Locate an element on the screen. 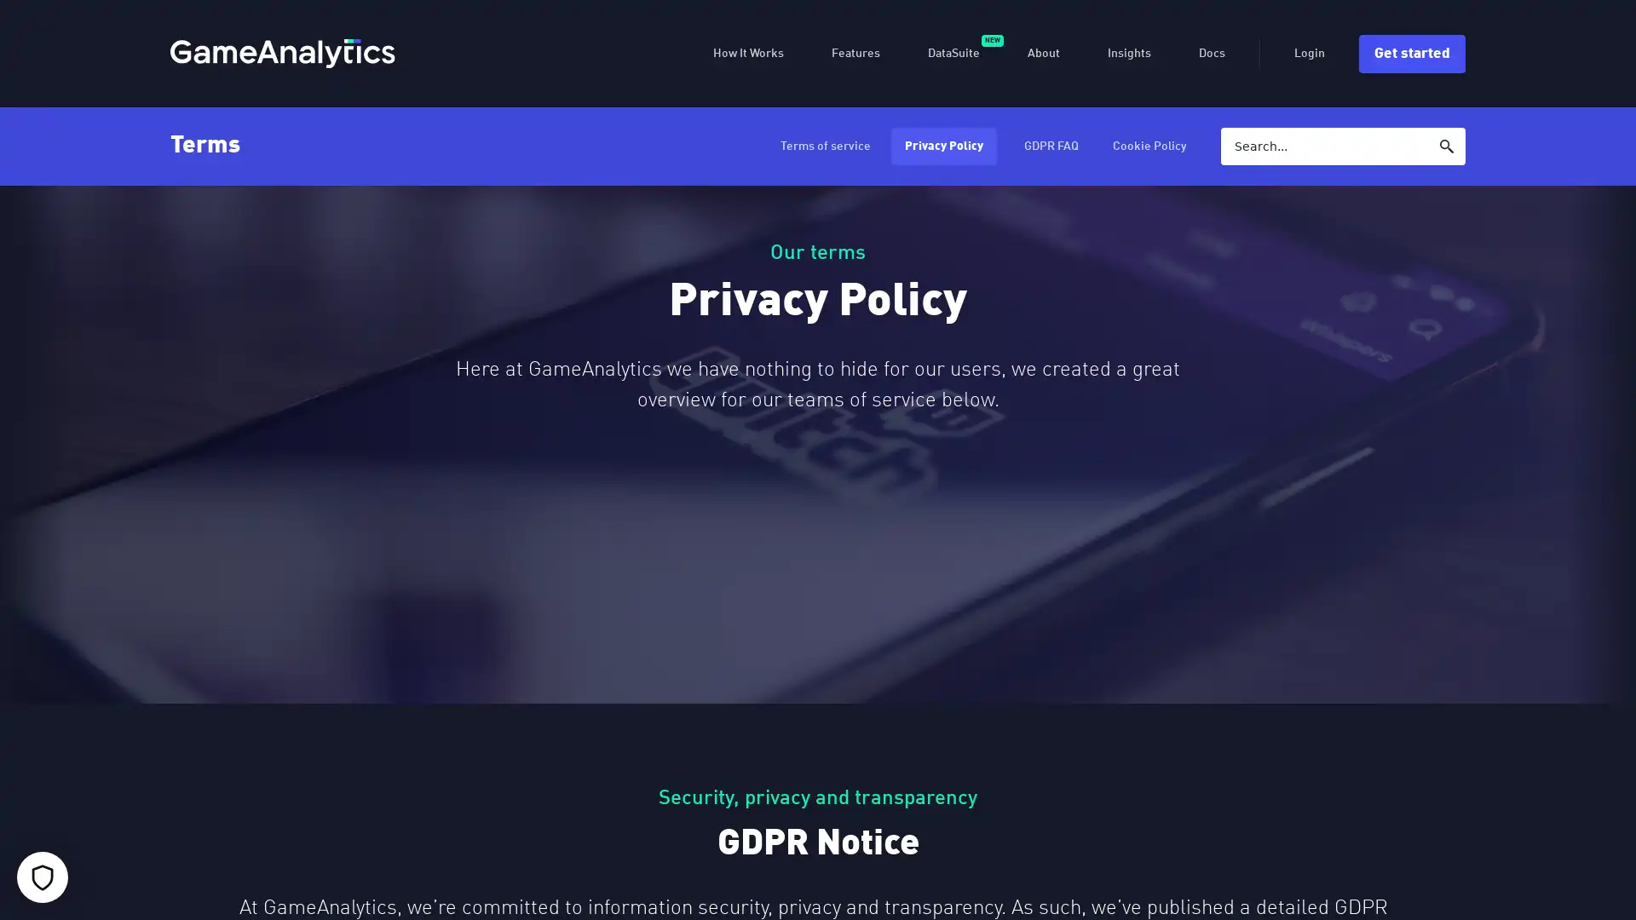 The image size is (1636, 920). Your cookie settings is located at coordinates (42, 877).